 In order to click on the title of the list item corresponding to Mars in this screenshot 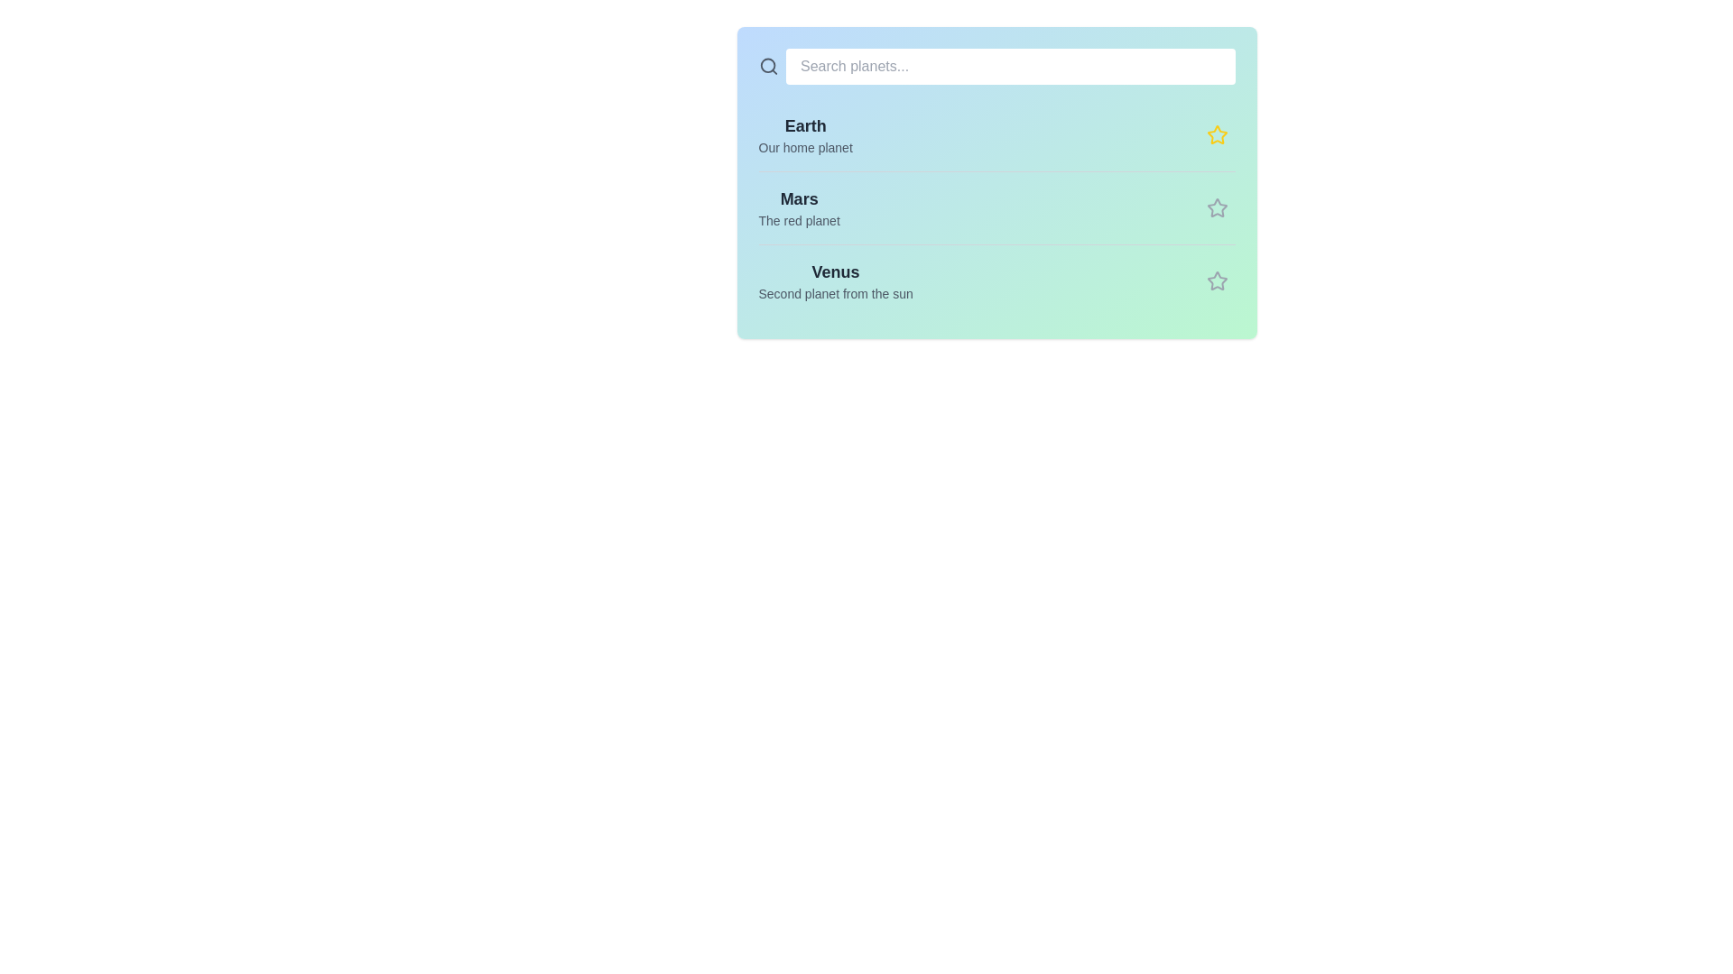, I will do `click(798, 198)`.